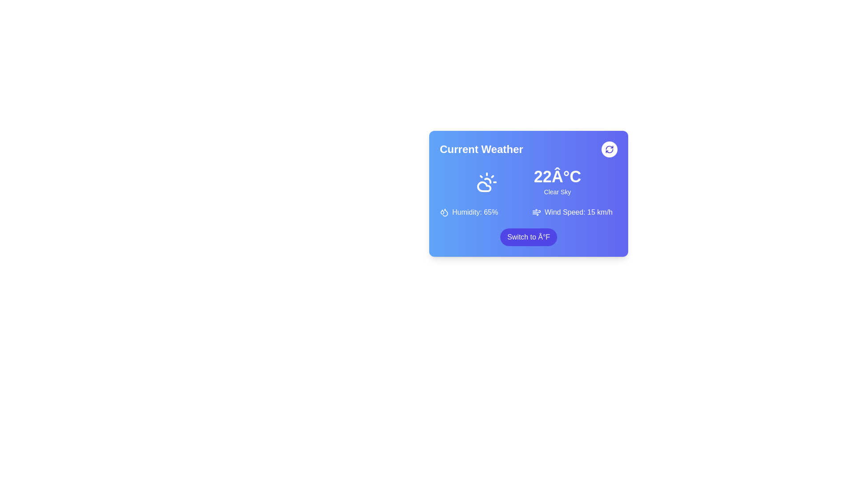  What do you see at coordinates (529, 237) in the screenshot?
I see `the rounded purple button labeled 'Switch to °F' to observe any hover effects` at bounding box center [529, 237].